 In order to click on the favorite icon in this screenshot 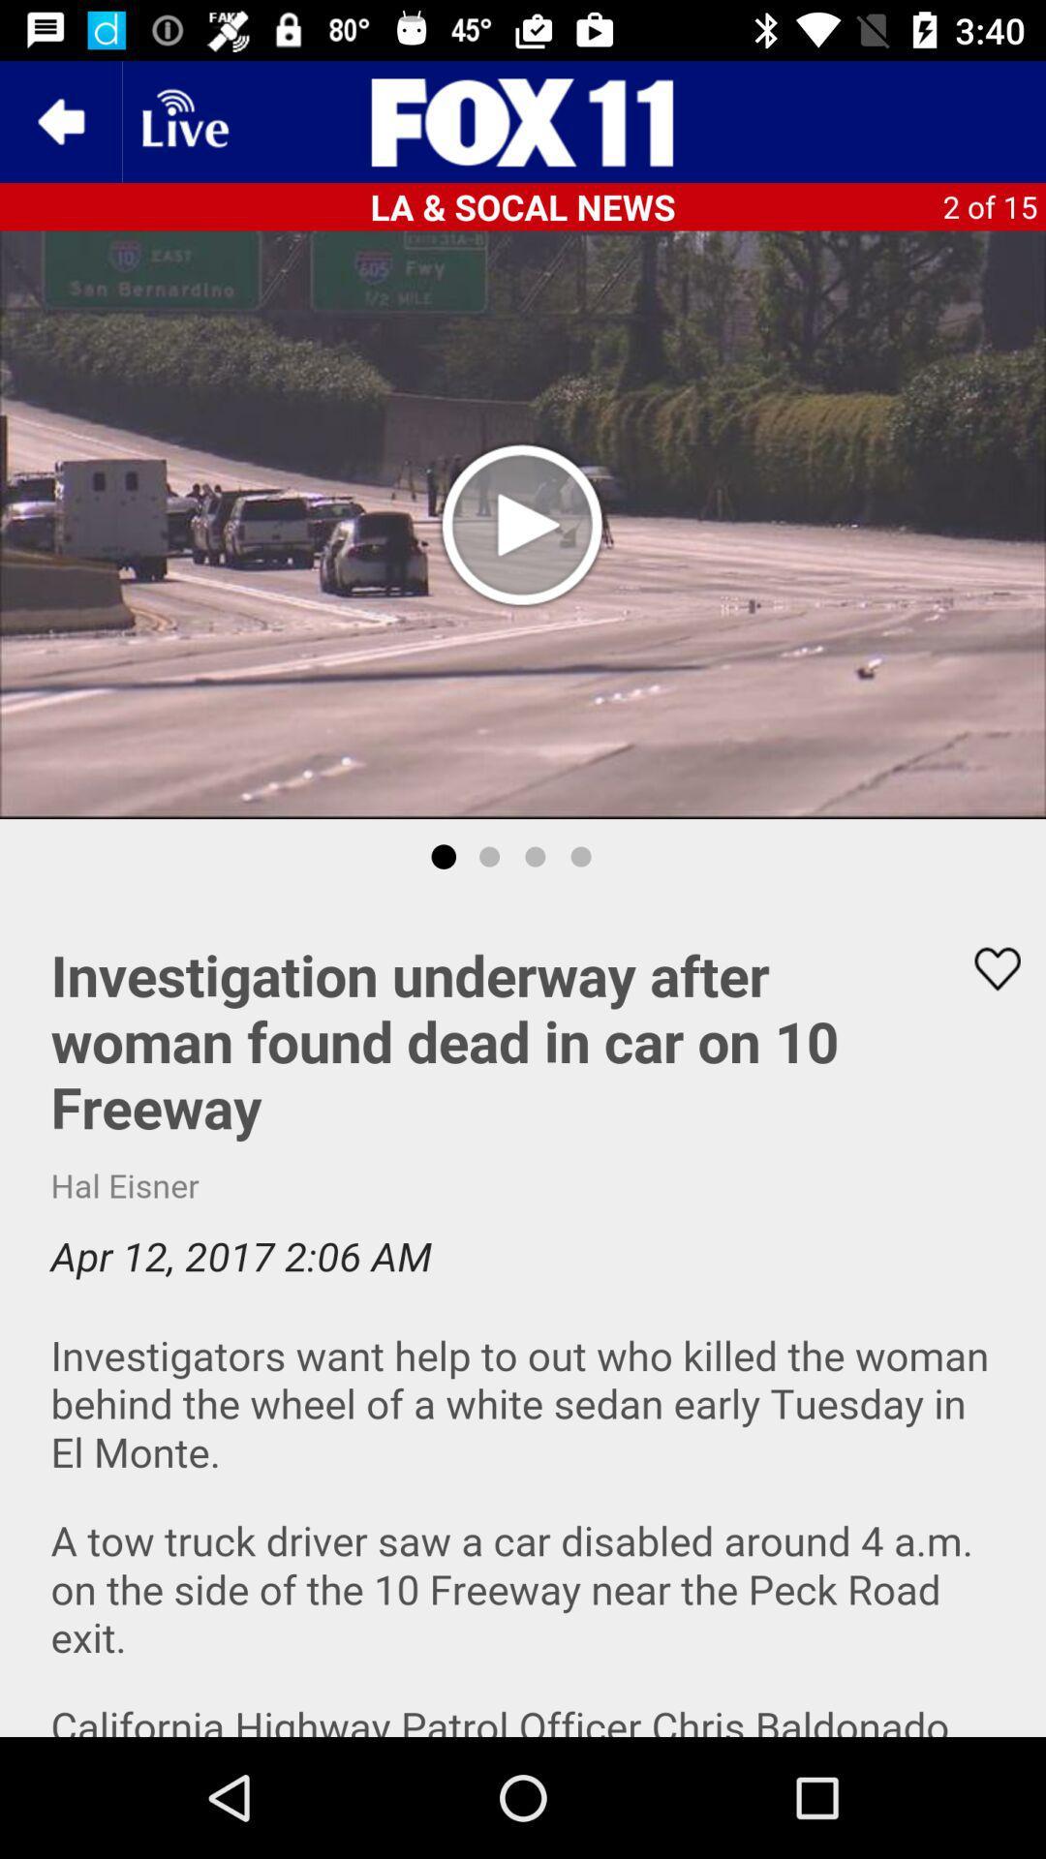, I will do `click(985, 968)`.